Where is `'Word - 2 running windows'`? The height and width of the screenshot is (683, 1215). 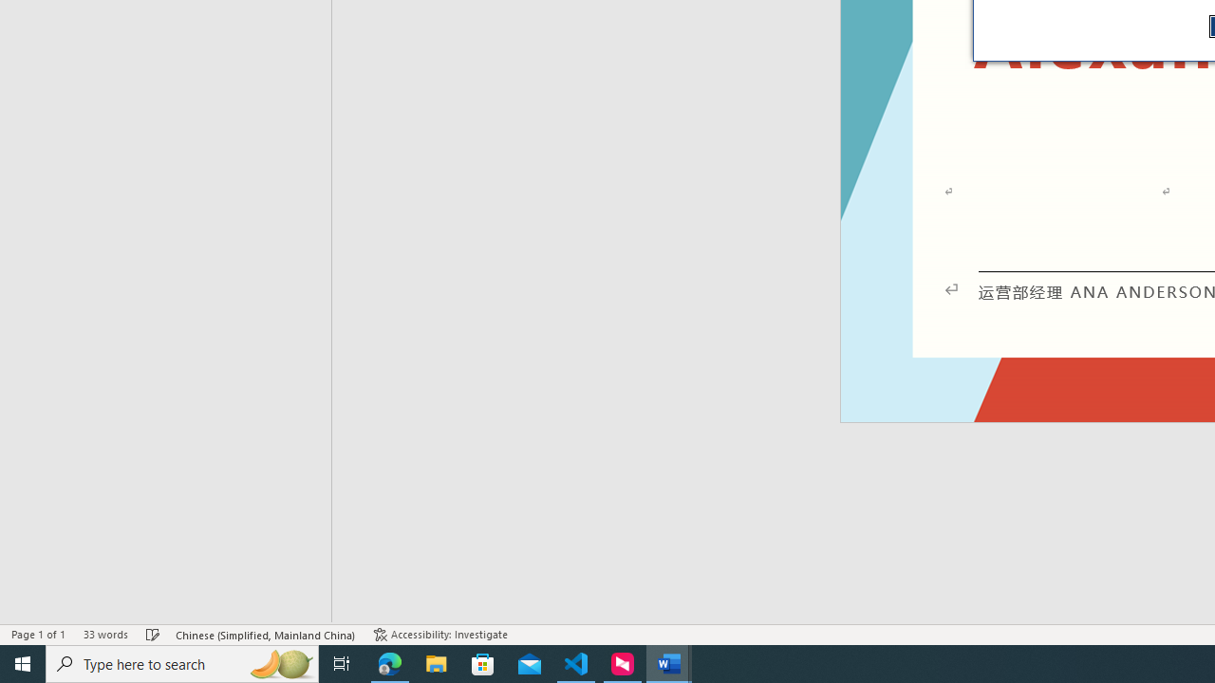 'Word - 2 running windows' is located at coordinates (669, 662).